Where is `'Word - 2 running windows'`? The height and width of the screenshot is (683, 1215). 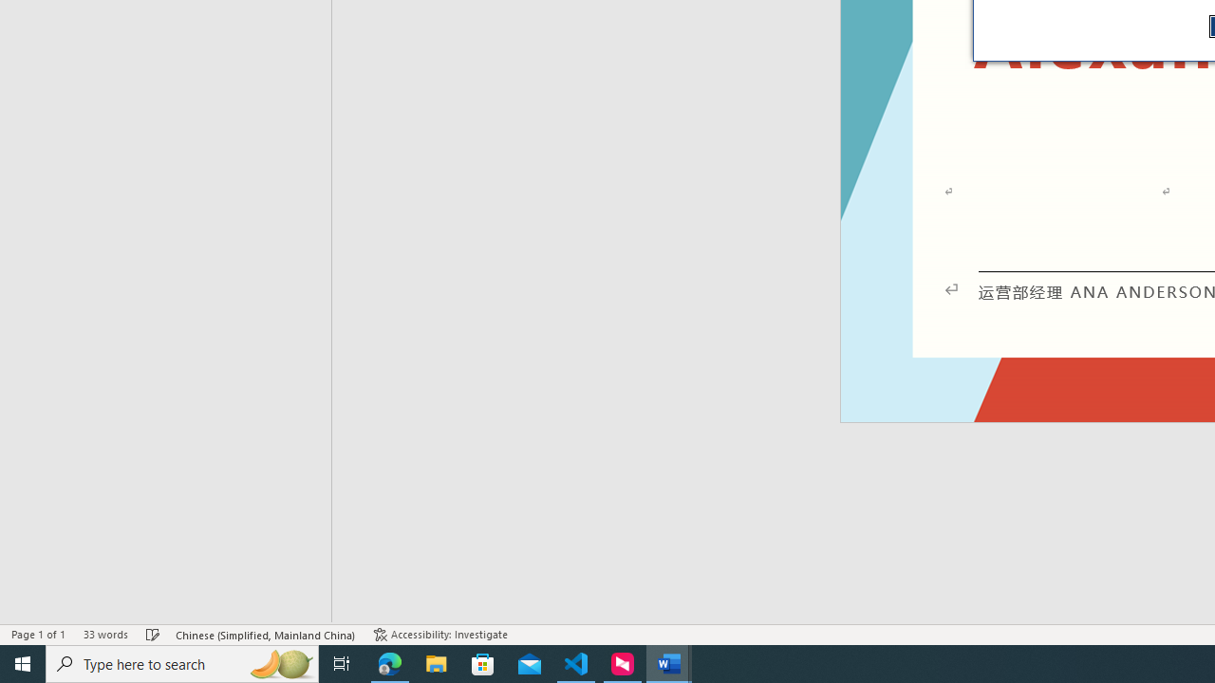 'Word - 2 running windows' is located at coordinates (669, 662).